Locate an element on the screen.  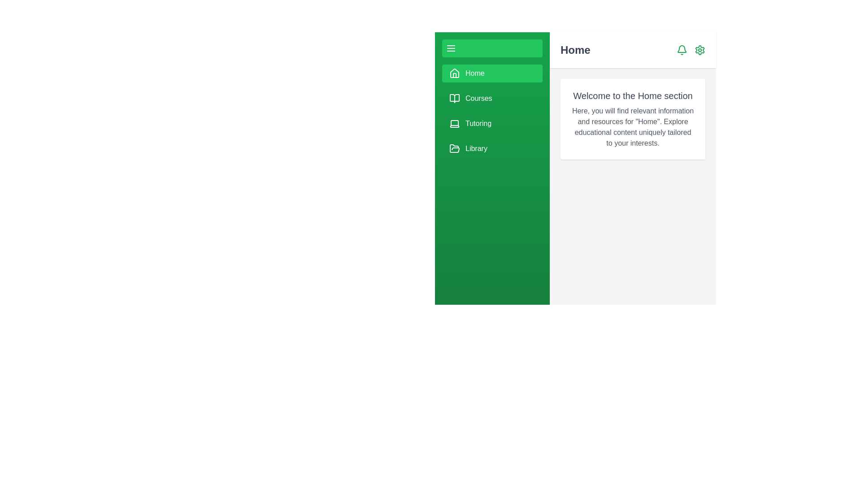
the clickable menu item with a green background labeled 'Courses' is located at coordinates (492, 98).